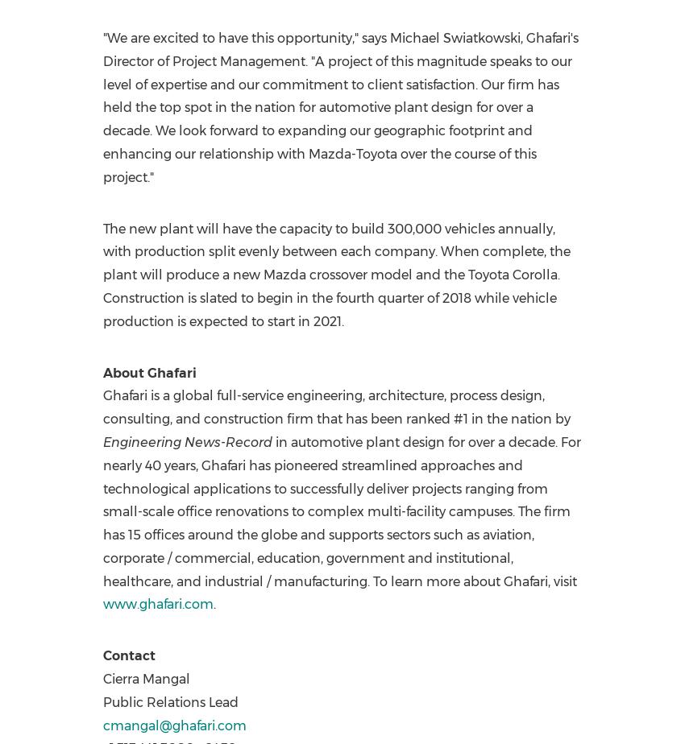  I want to click on 'Michael Swiatkowski', so click(388, 37).